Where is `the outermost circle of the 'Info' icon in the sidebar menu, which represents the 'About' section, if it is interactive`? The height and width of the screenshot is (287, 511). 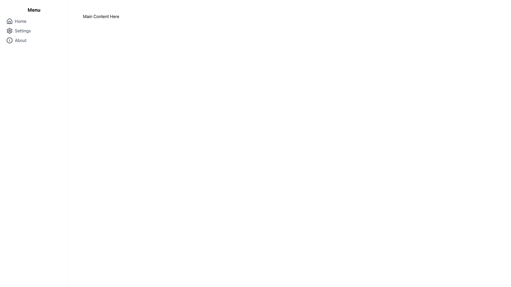 the outermost circle of the 'Info' icon in the sidebar menu, which represents the 'About' section, if it is interactive is located at coordinates (9, 40).